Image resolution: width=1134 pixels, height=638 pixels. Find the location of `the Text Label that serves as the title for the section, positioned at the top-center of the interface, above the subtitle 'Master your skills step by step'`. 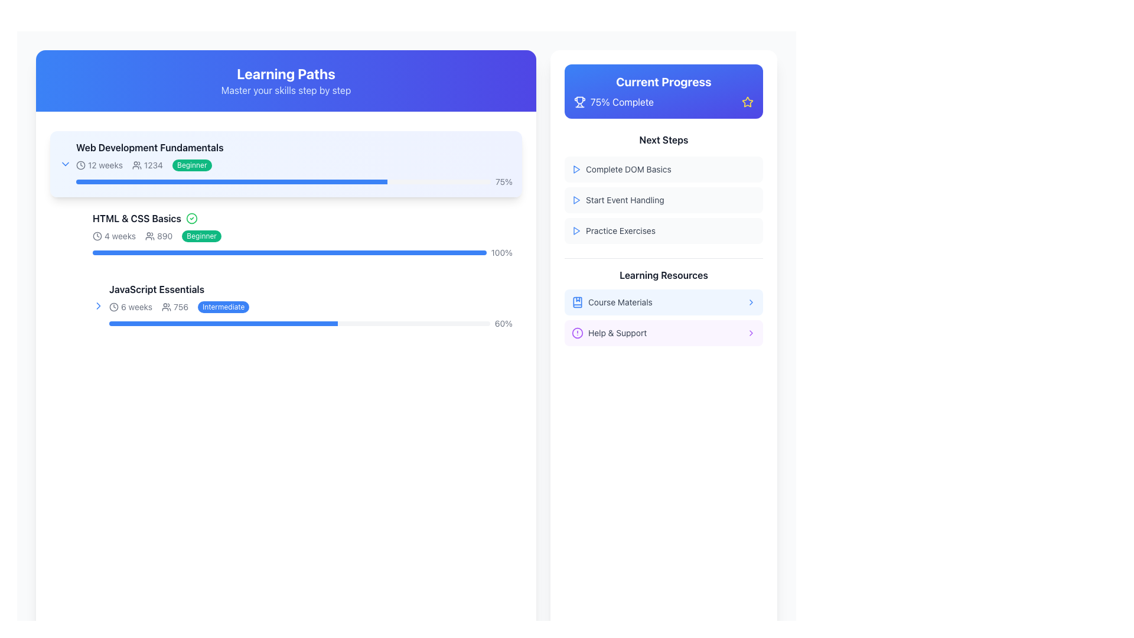

the Text Label that serves as the title for the section, positioned at the top-center of the interface, above the subtitle 'Master your skills step by step' is located at coordinates (286, 73).